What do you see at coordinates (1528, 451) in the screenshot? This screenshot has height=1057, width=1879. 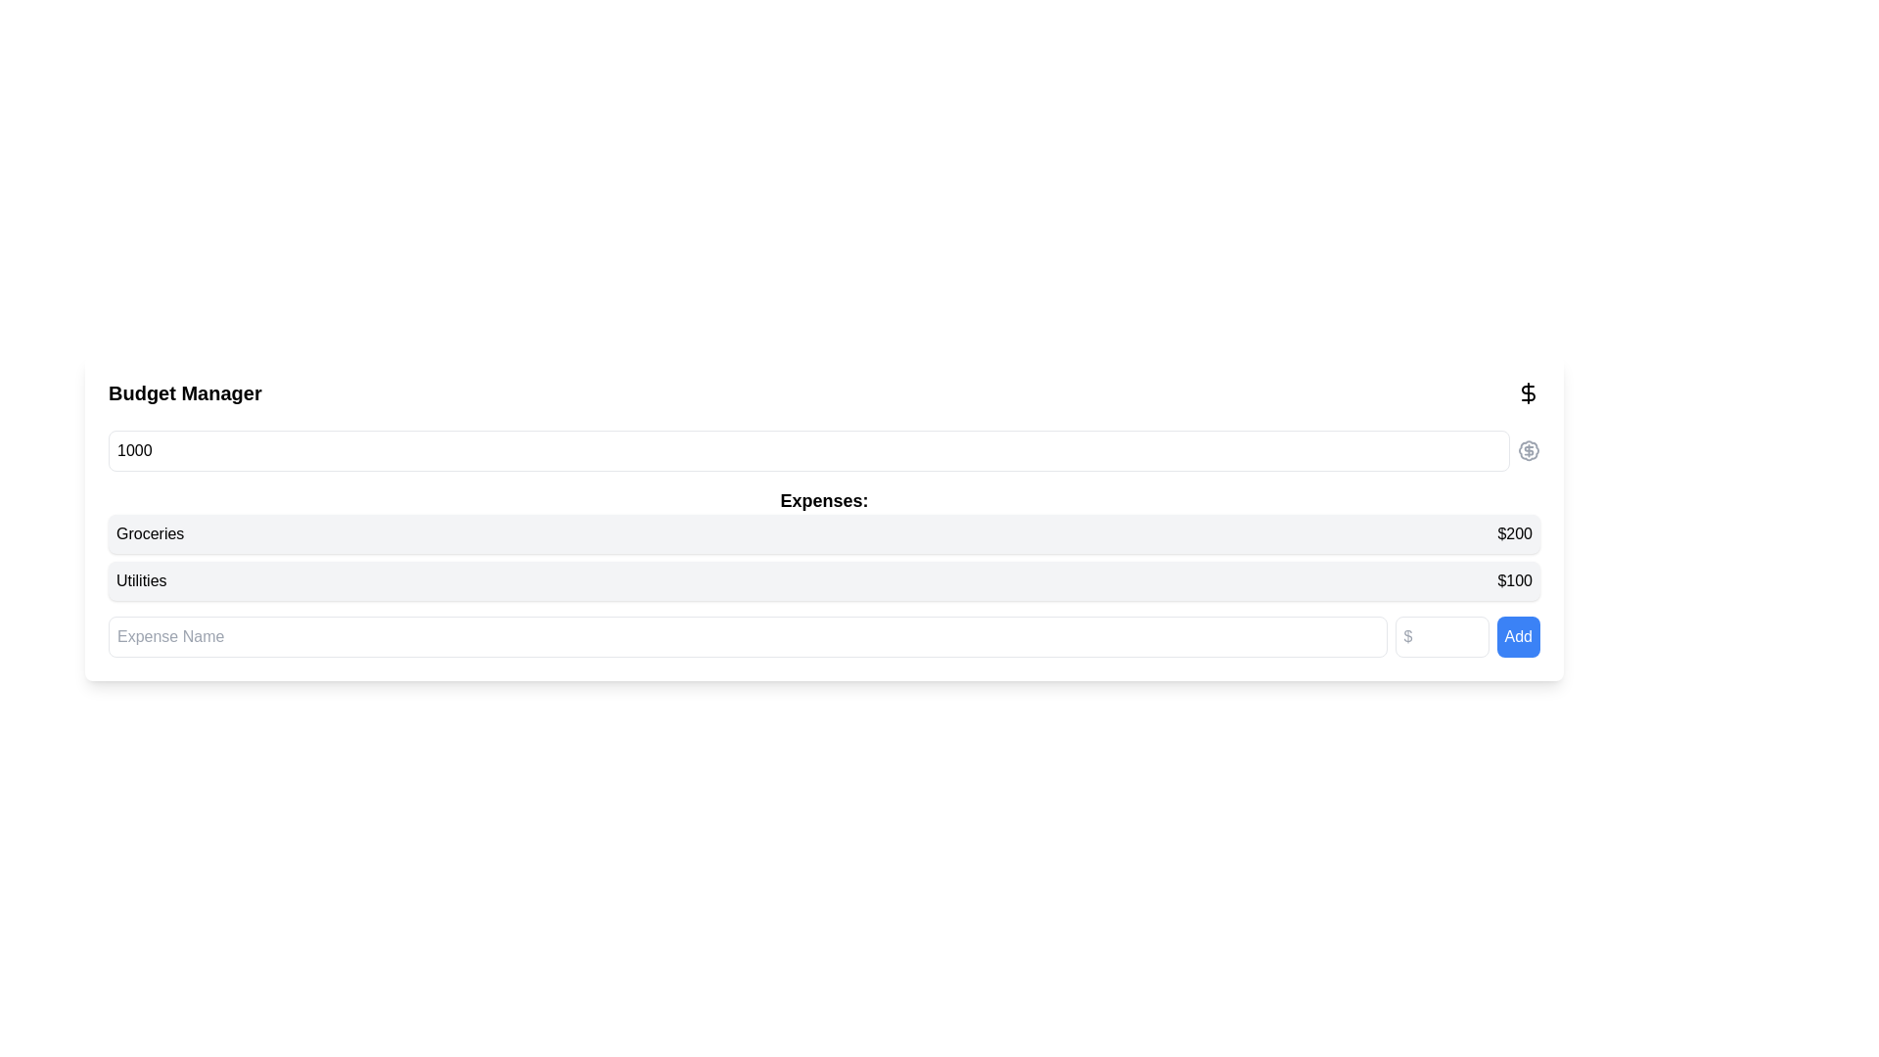 I see `the dollar sign icon surrounded by a circular badge, which is located to the immediate right of the 'Set your budget' text input box` at bounding box center [1528, 451].